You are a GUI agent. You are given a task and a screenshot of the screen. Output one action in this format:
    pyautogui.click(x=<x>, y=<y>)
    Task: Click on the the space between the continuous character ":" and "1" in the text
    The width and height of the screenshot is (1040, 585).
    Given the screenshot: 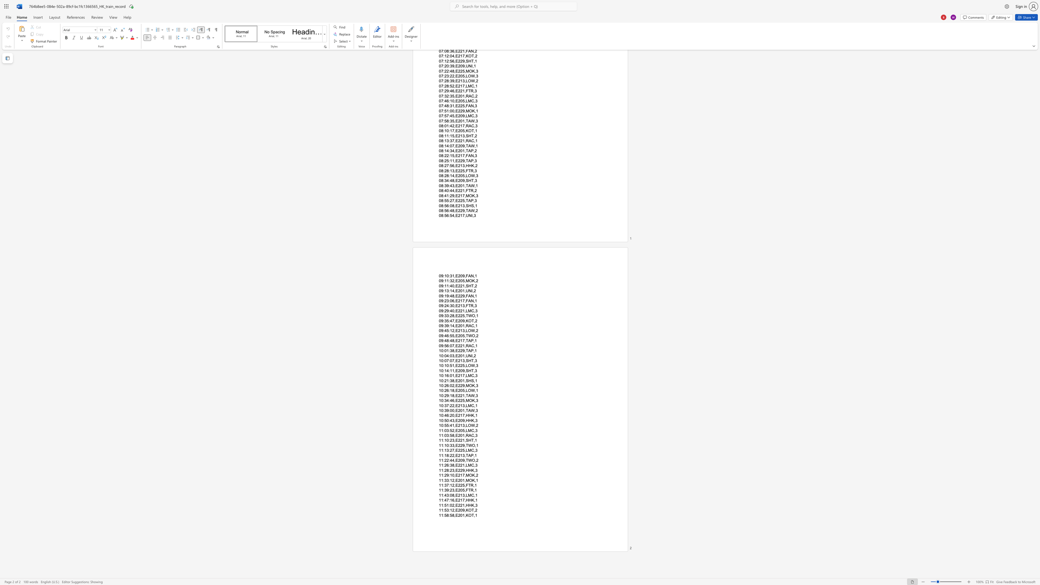 What is the action you would take?
    pyautogui.click(x=450, y=500)
    